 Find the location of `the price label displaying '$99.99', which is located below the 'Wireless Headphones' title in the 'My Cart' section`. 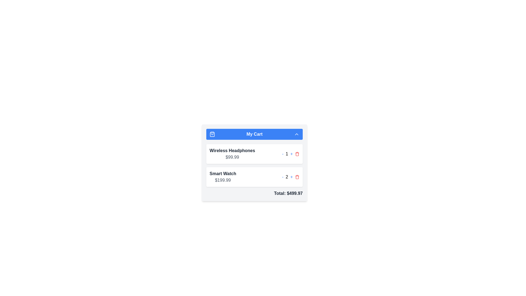

the price label displaying '$99.99', which is located below the 'Wireless Headphones' title in the 'My Cart' section is located at coordinates (232, 157).